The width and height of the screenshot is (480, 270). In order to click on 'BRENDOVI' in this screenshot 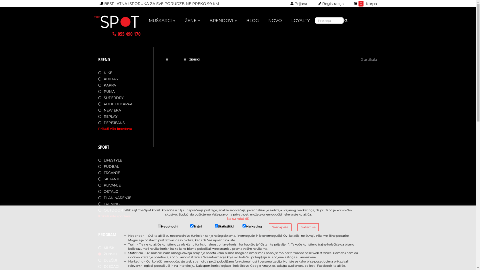, I will do `click(223, 22)`.